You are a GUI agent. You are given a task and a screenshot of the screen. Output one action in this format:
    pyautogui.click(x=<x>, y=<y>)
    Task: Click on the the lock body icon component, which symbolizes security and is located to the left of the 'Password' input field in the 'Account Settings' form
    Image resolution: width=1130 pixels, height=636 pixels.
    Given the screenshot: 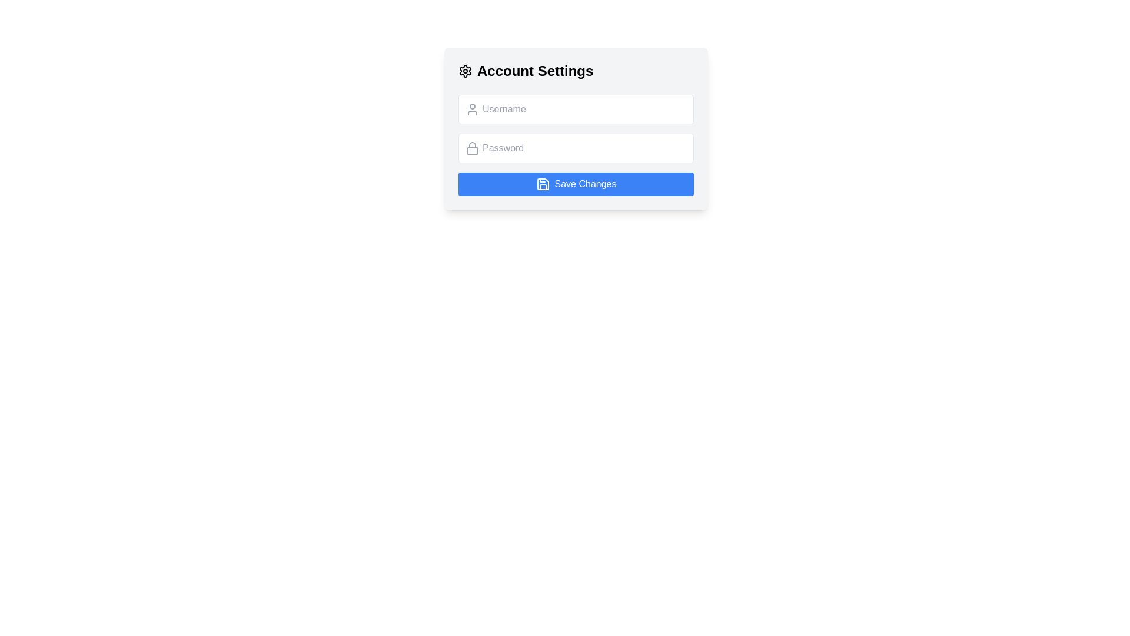 What is the action you would take?
    pyautogui.click(x=472, y=150)
    